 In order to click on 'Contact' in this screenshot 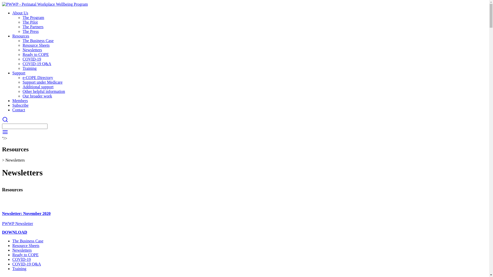, I will do `click(18, 110)`.